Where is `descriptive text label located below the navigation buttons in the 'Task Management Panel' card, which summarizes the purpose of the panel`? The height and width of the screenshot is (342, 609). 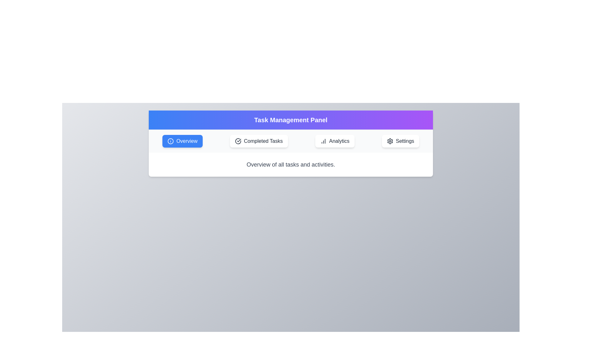
descriptive text label located below the navigation buttons in the 'Task Management Panel' card, which summarizes the purpose of the panel is located at coordinates (290, 164).